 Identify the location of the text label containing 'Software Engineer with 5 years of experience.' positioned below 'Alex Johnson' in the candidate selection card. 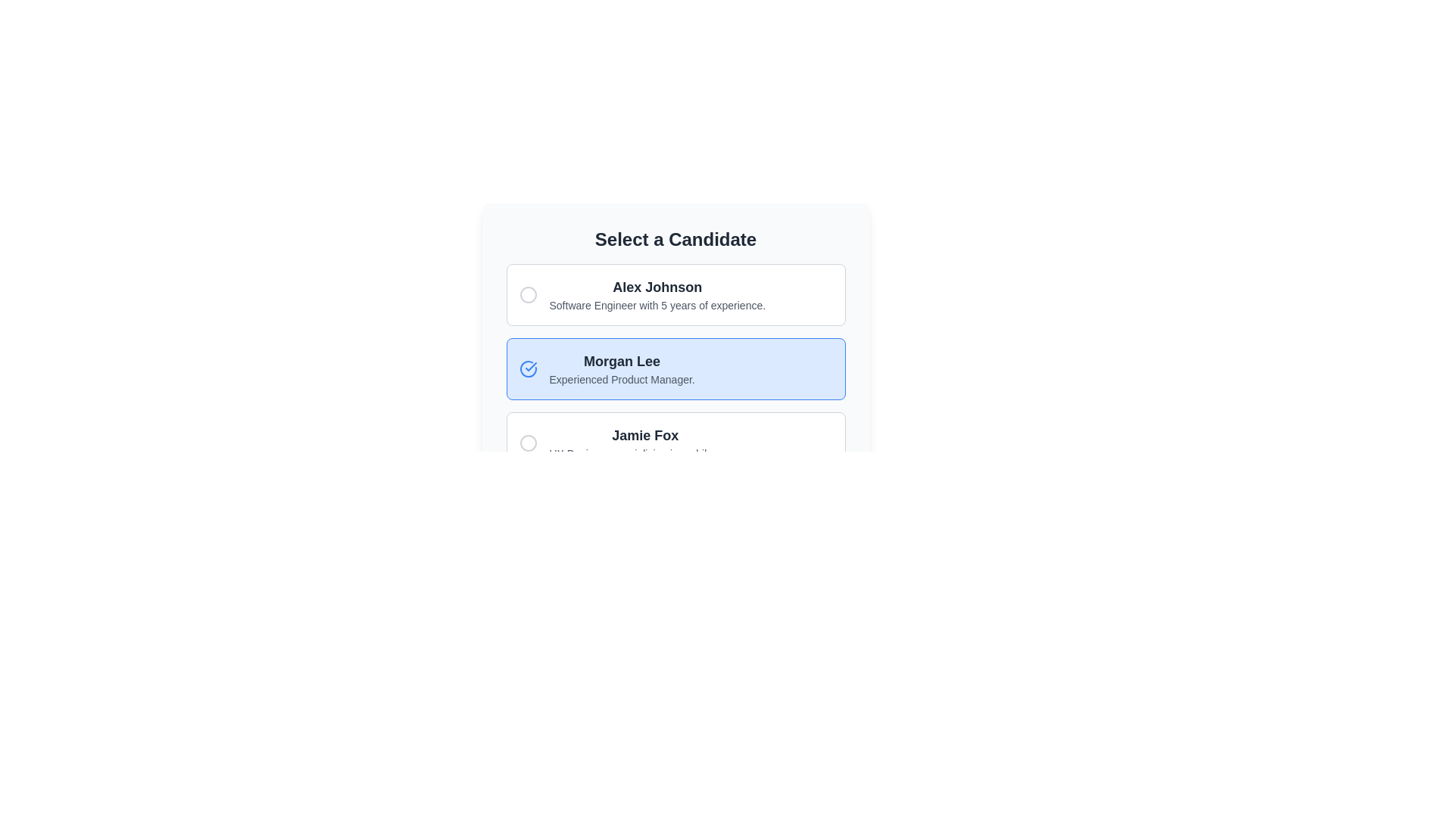
(657, 306).